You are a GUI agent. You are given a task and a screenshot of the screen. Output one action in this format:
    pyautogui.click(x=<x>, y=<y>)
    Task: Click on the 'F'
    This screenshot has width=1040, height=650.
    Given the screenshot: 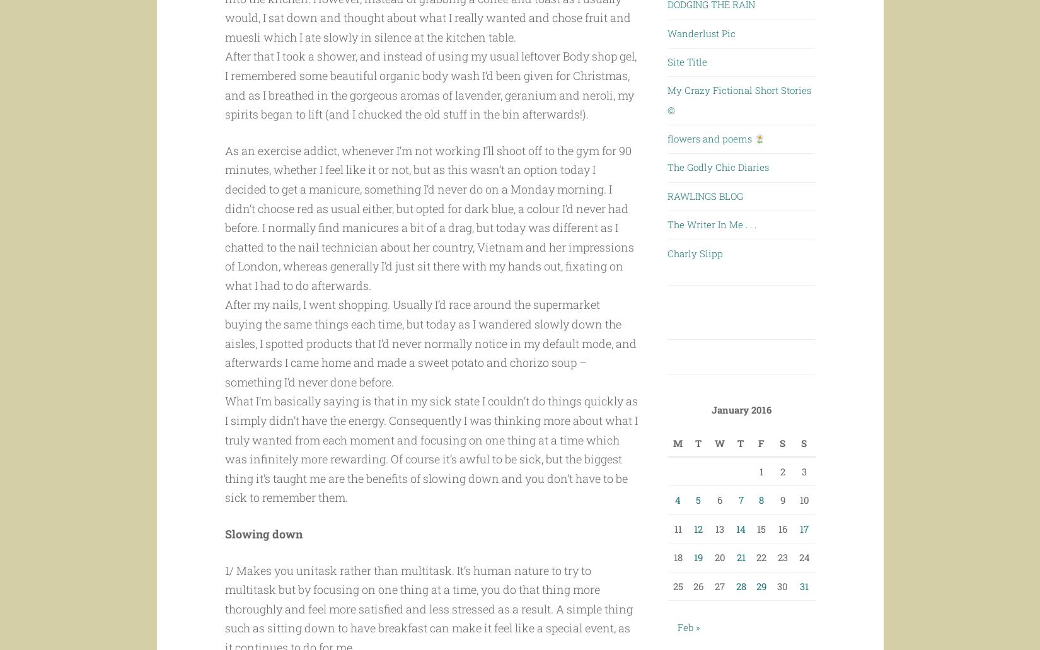 What is the action you would take?
    pyautogui.click(x=758, y=443)
    